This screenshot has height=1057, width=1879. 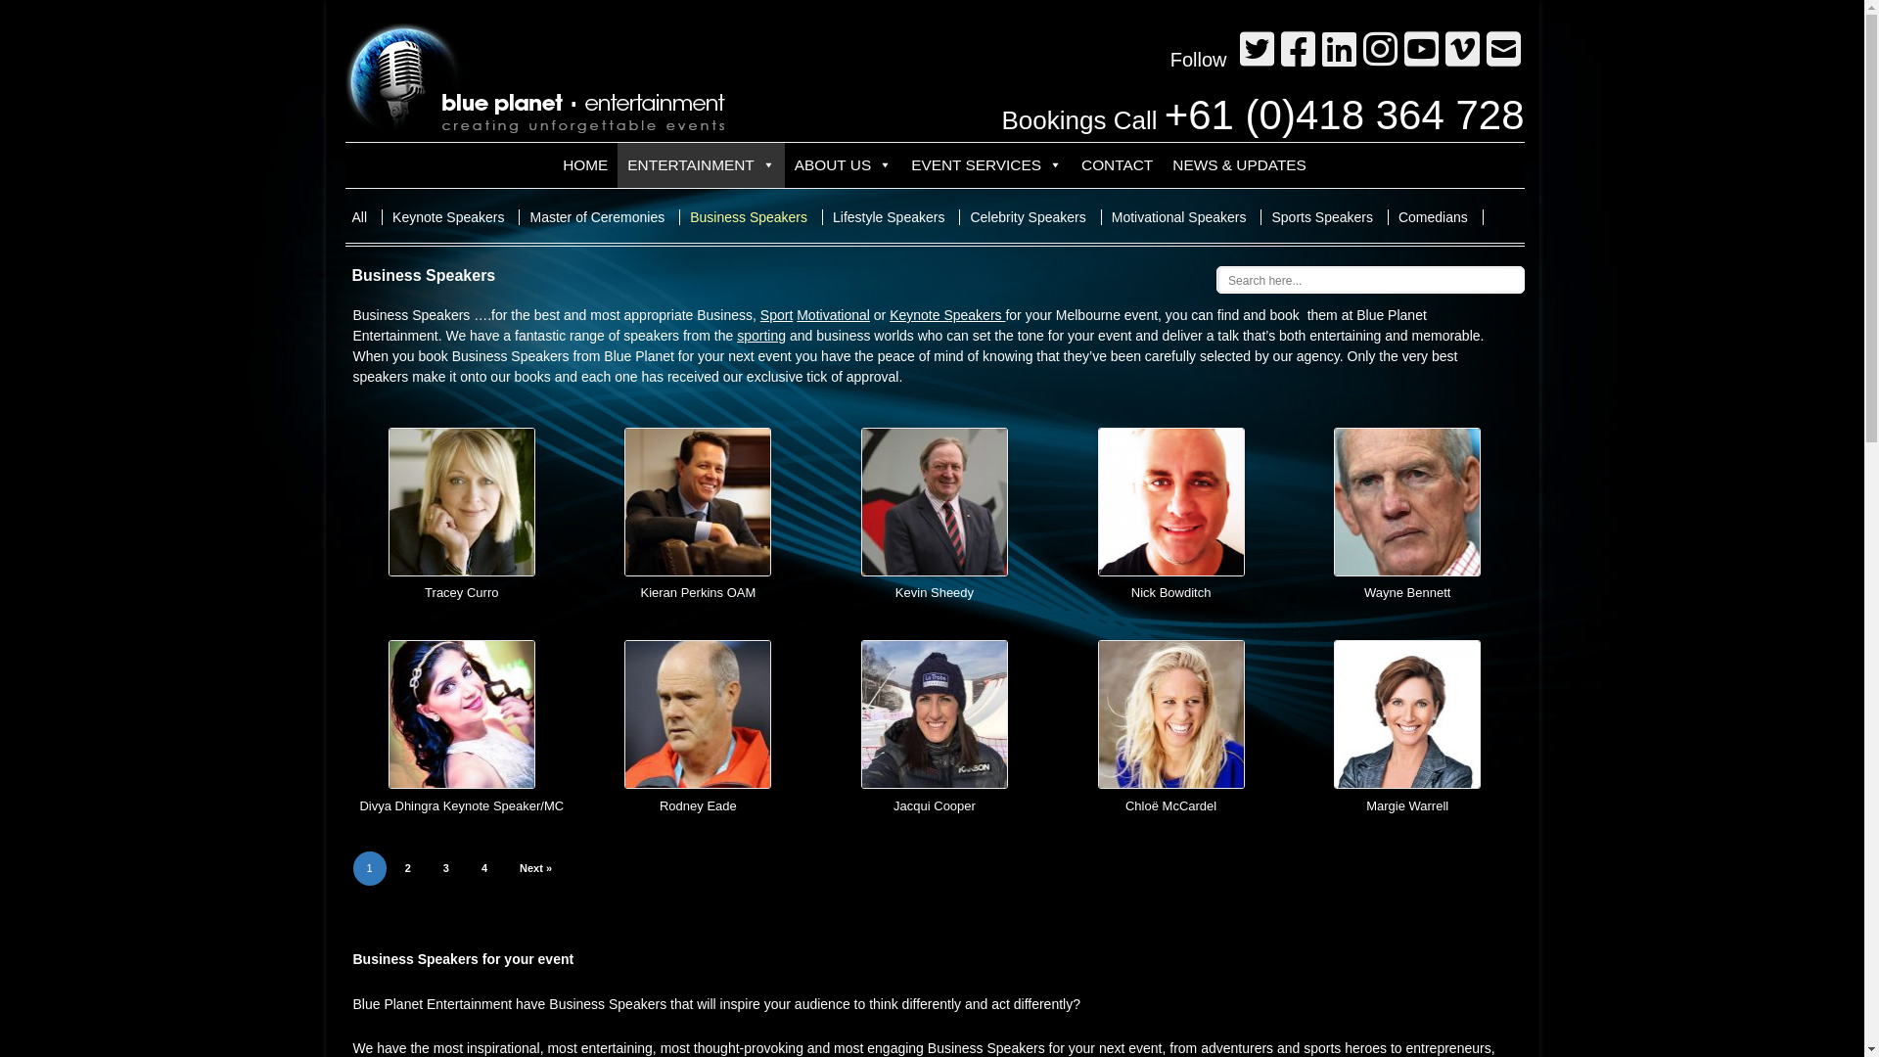 I want to click on '4', so click(x=483, y=867).